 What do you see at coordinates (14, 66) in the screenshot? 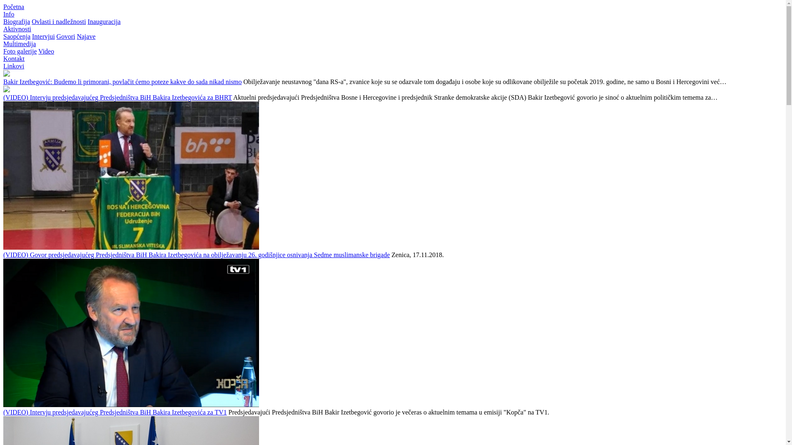
I see `'Linkovi'` at bounding box center [14, 66].